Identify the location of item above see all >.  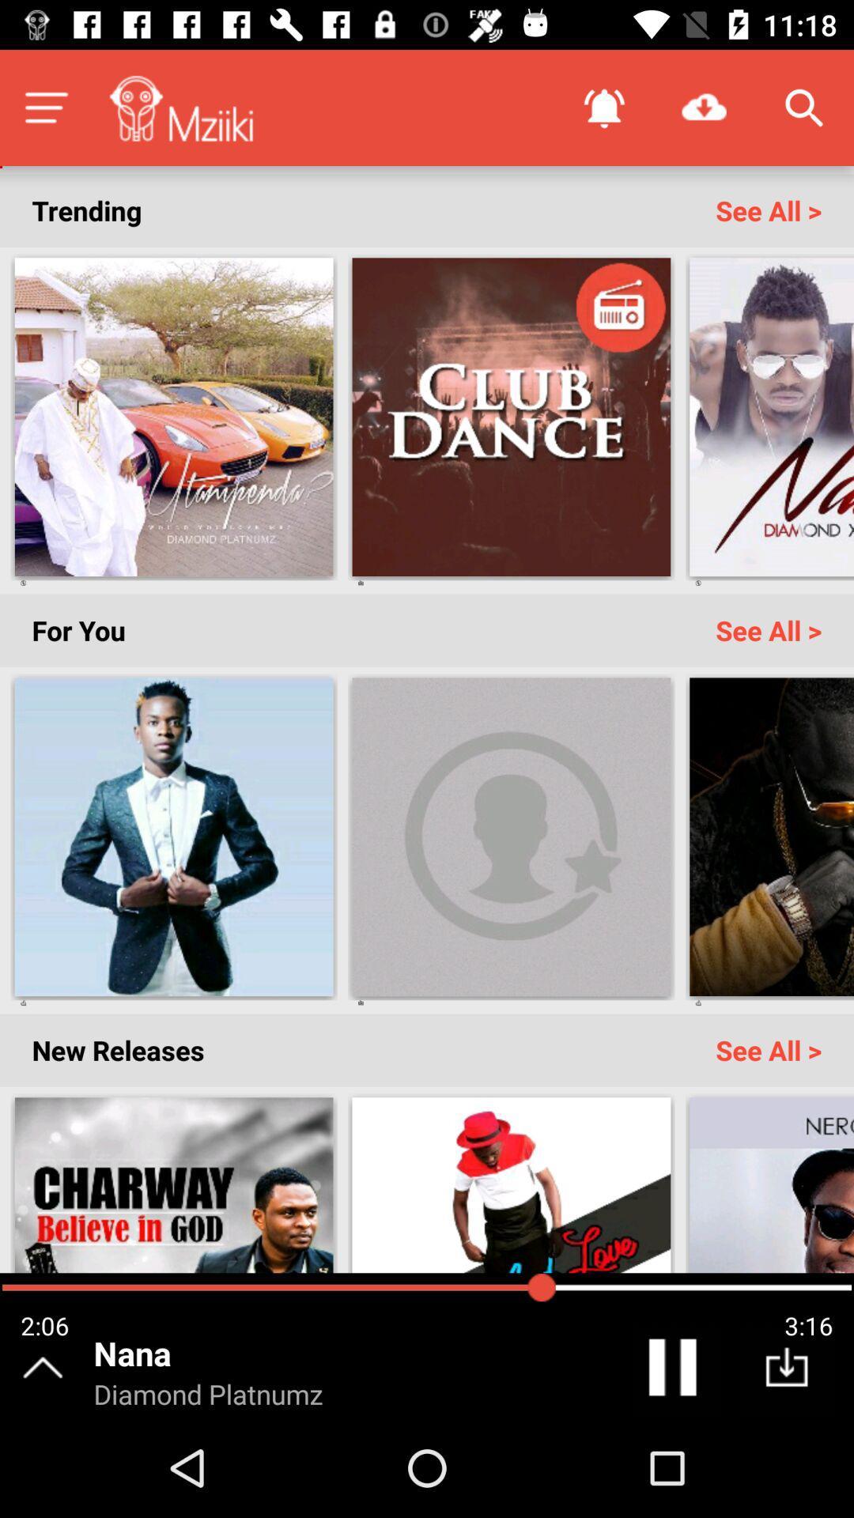
(704, 107).